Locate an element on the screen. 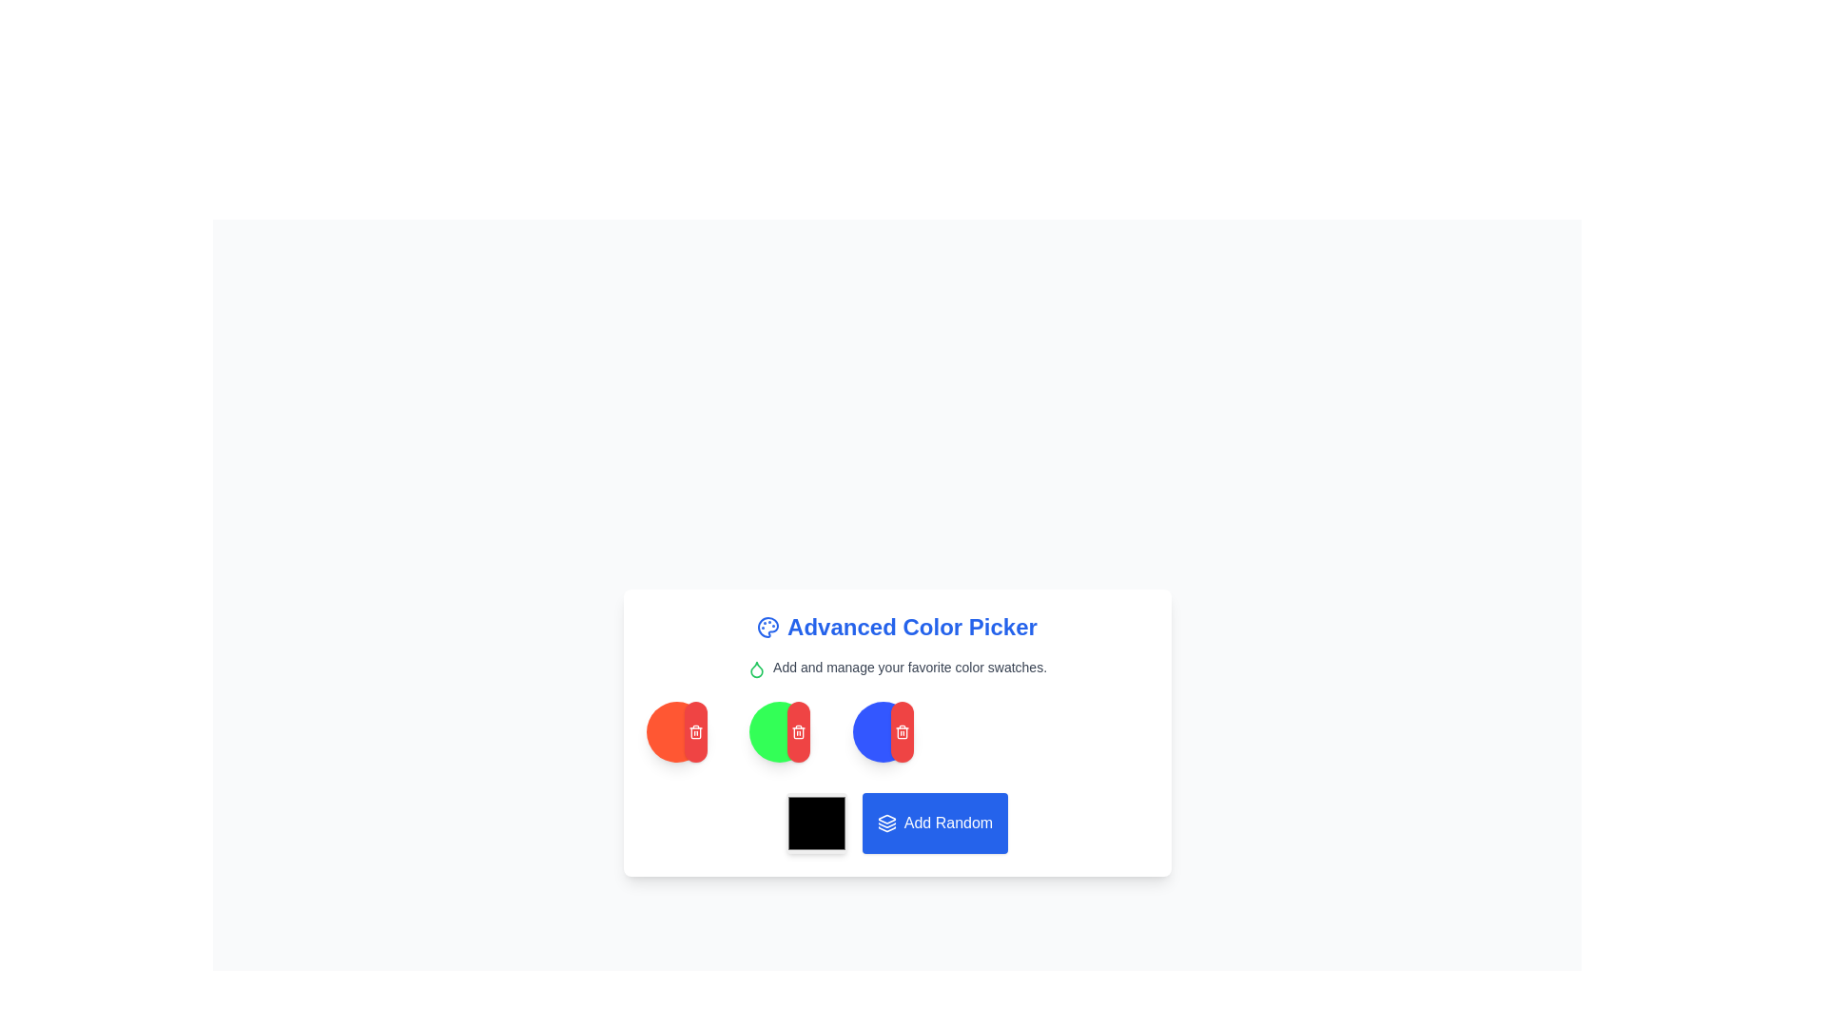 The width and height of the screenshot is (1826, 1027). the droplet icon that visually represents a liquid concept, located at the center of the header section of the interface is located at coordinates (756, 669).